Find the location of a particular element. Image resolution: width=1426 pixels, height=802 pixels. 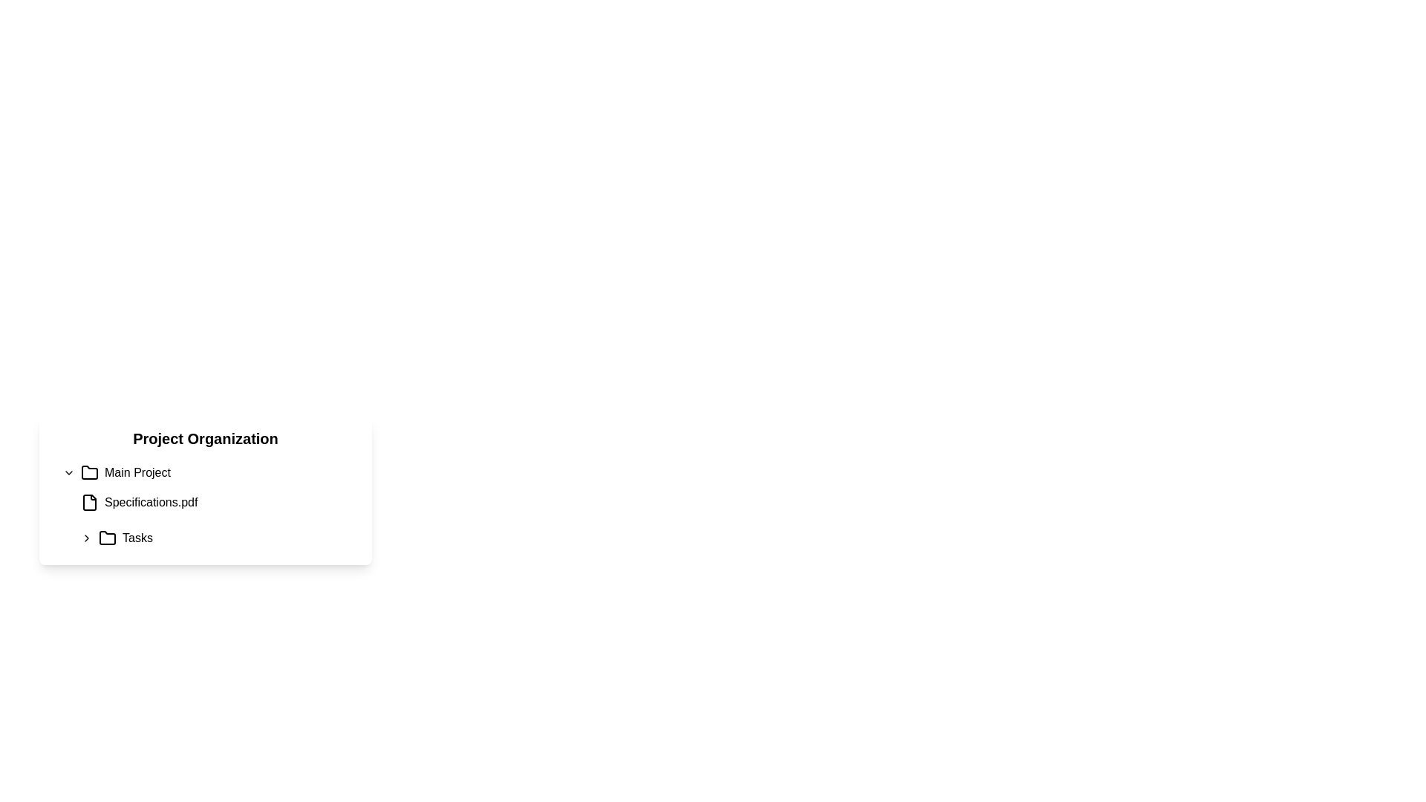

the folder icon, which is a minimalist graphic with a black outline on a white background, located to the left of the 'Main Project' label in the Project Organization section is located at coordinates (88, 472).